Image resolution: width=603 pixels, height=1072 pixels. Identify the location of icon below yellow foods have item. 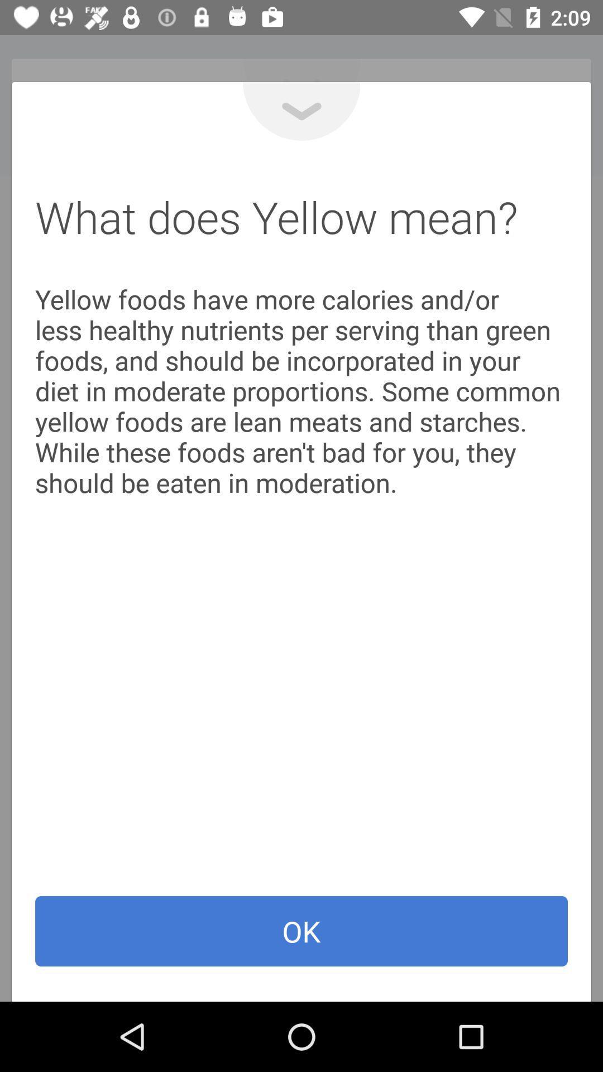
(301, 931).